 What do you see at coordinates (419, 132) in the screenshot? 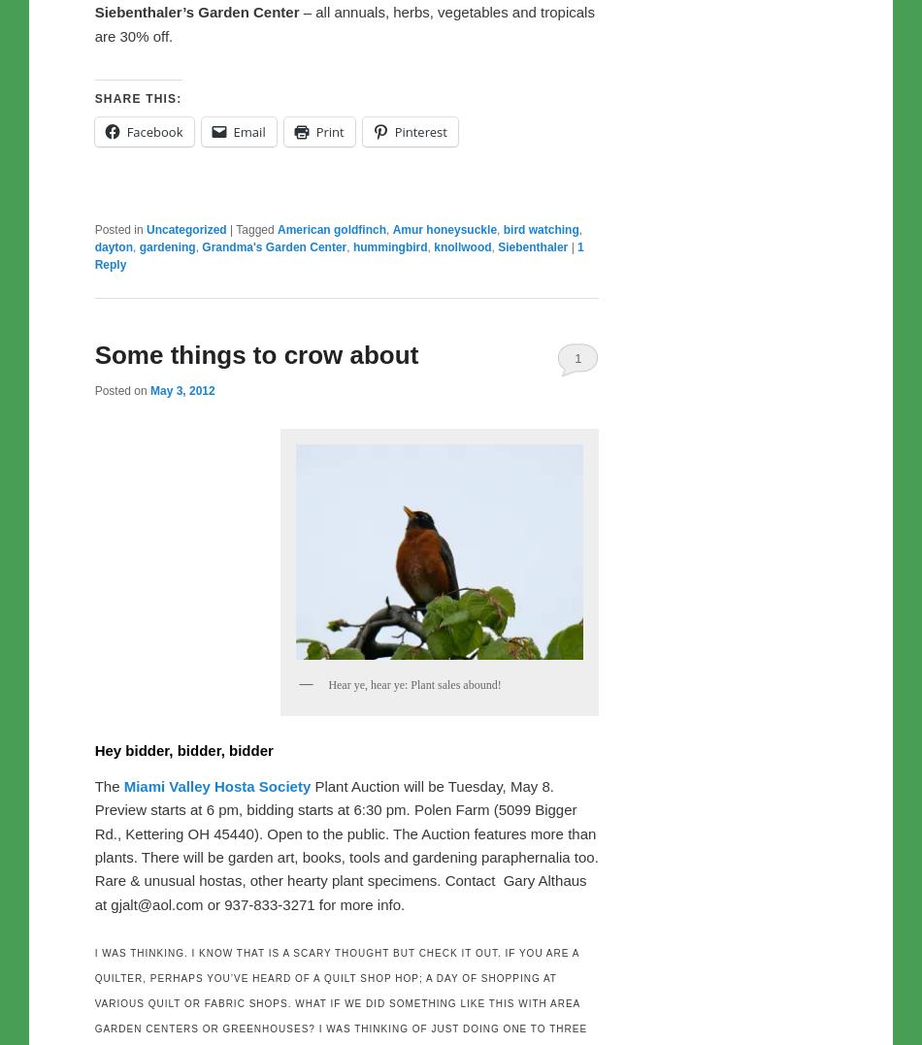
I see `'Pinterest'` at bounding box center [419, 132].